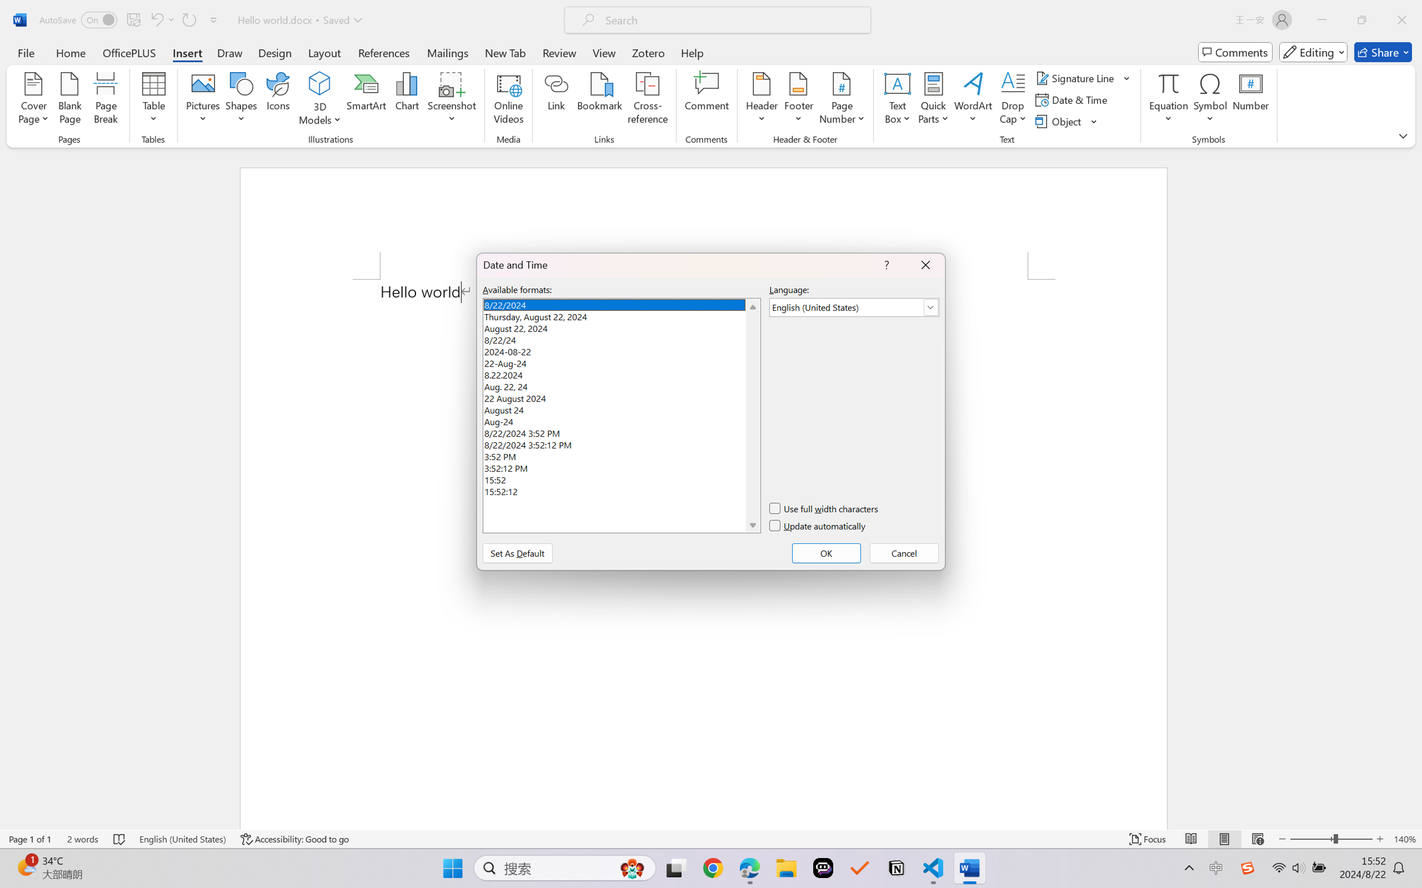  What do you see at coordinates (384, 52) in the screenshot?
I see `'References'` at bounding box center [384, 52].